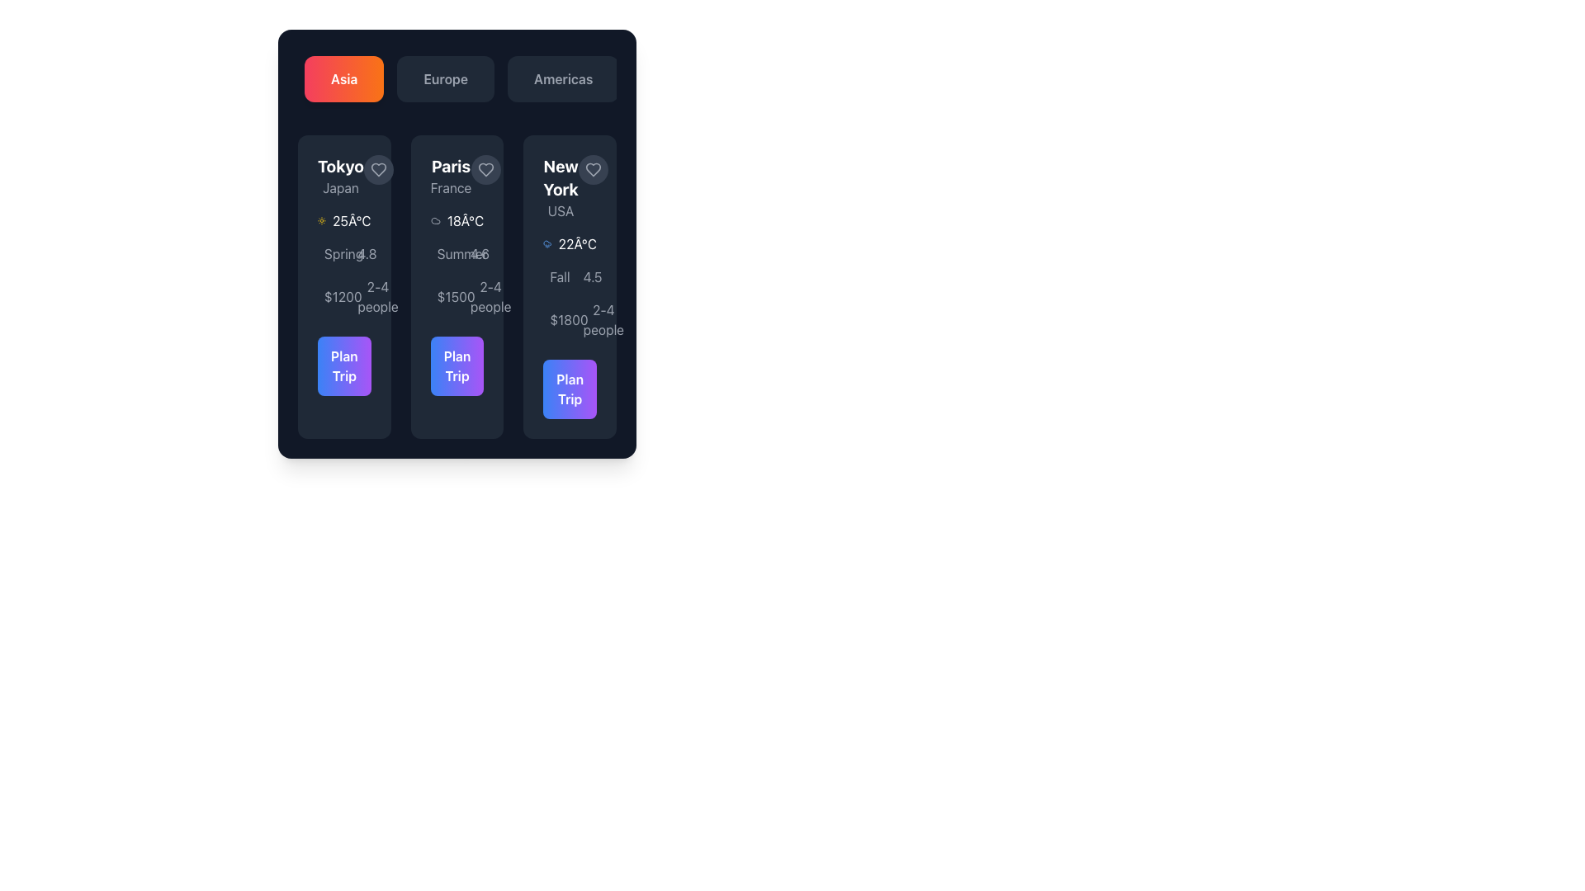 The height and width of the screenshot is (891, 1585). What do you see at coordinates (553, 276) in the screenshot?
I see `the static text label 'Fall' located under the 'New York USA' section in the 'Americas' tab, which is styled in gray and accompanied by a calendar icon` at bounding box center [553, 276].